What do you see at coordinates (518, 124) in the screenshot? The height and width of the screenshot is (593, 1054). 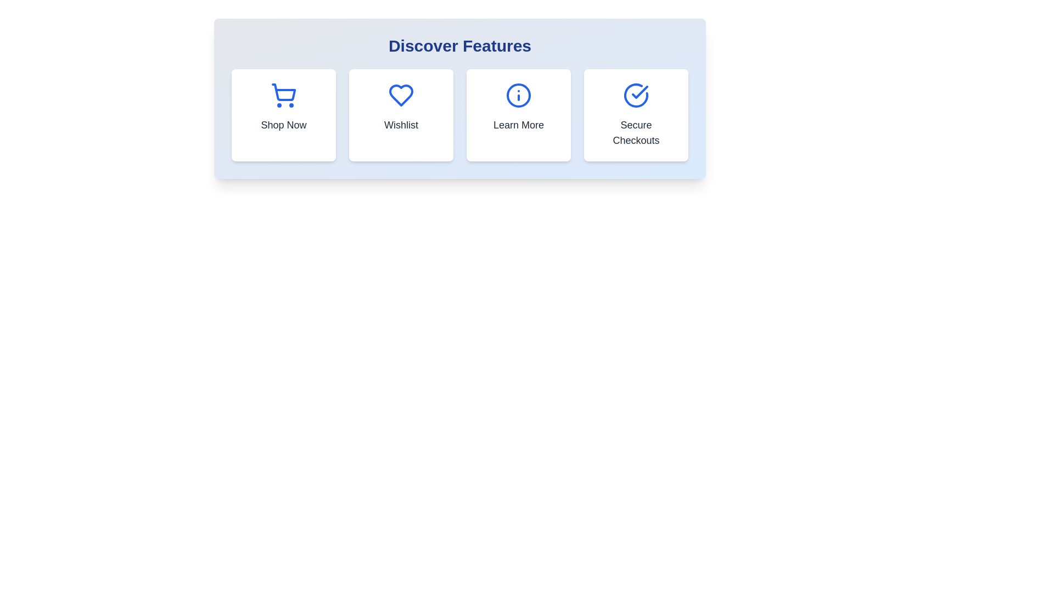 I see `the text label located at the bottom center of the third card from the left in a row of four cards, which is styled in blue and indicates a feature` at bounding box center [518, 124].